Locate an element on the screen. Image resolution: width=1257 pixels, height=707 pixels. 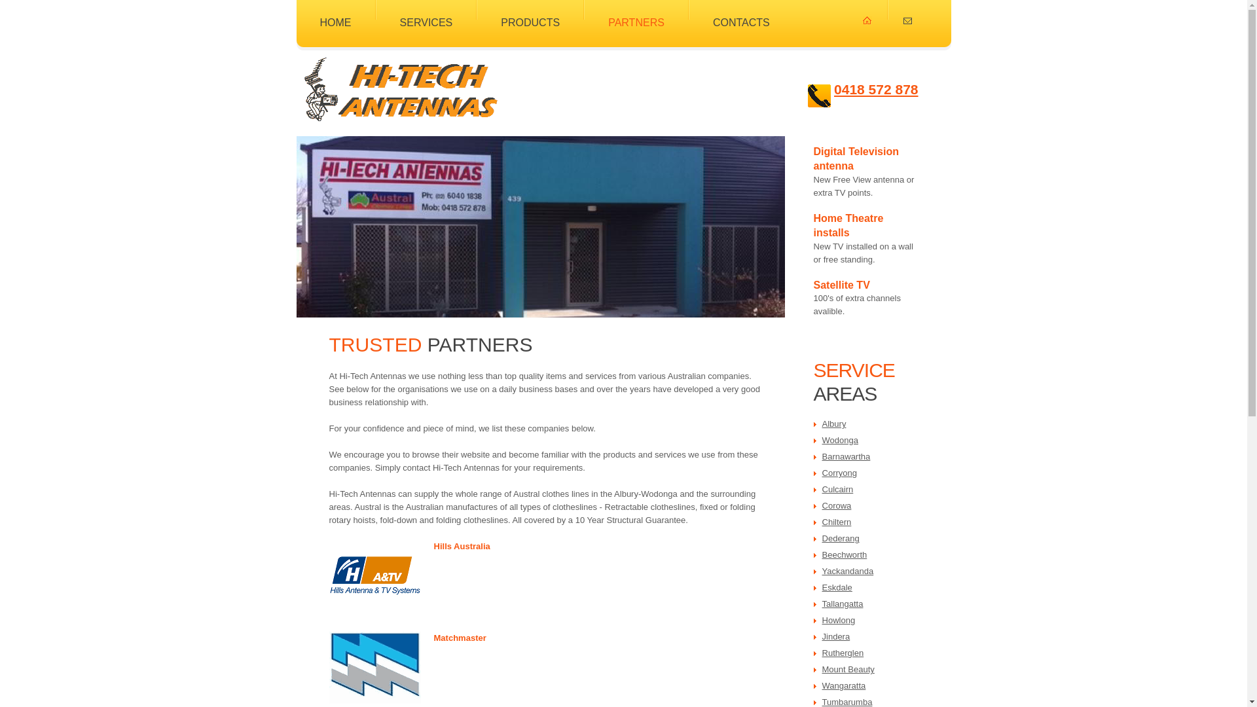
'Corryong' is located at coordinates (839, 473).